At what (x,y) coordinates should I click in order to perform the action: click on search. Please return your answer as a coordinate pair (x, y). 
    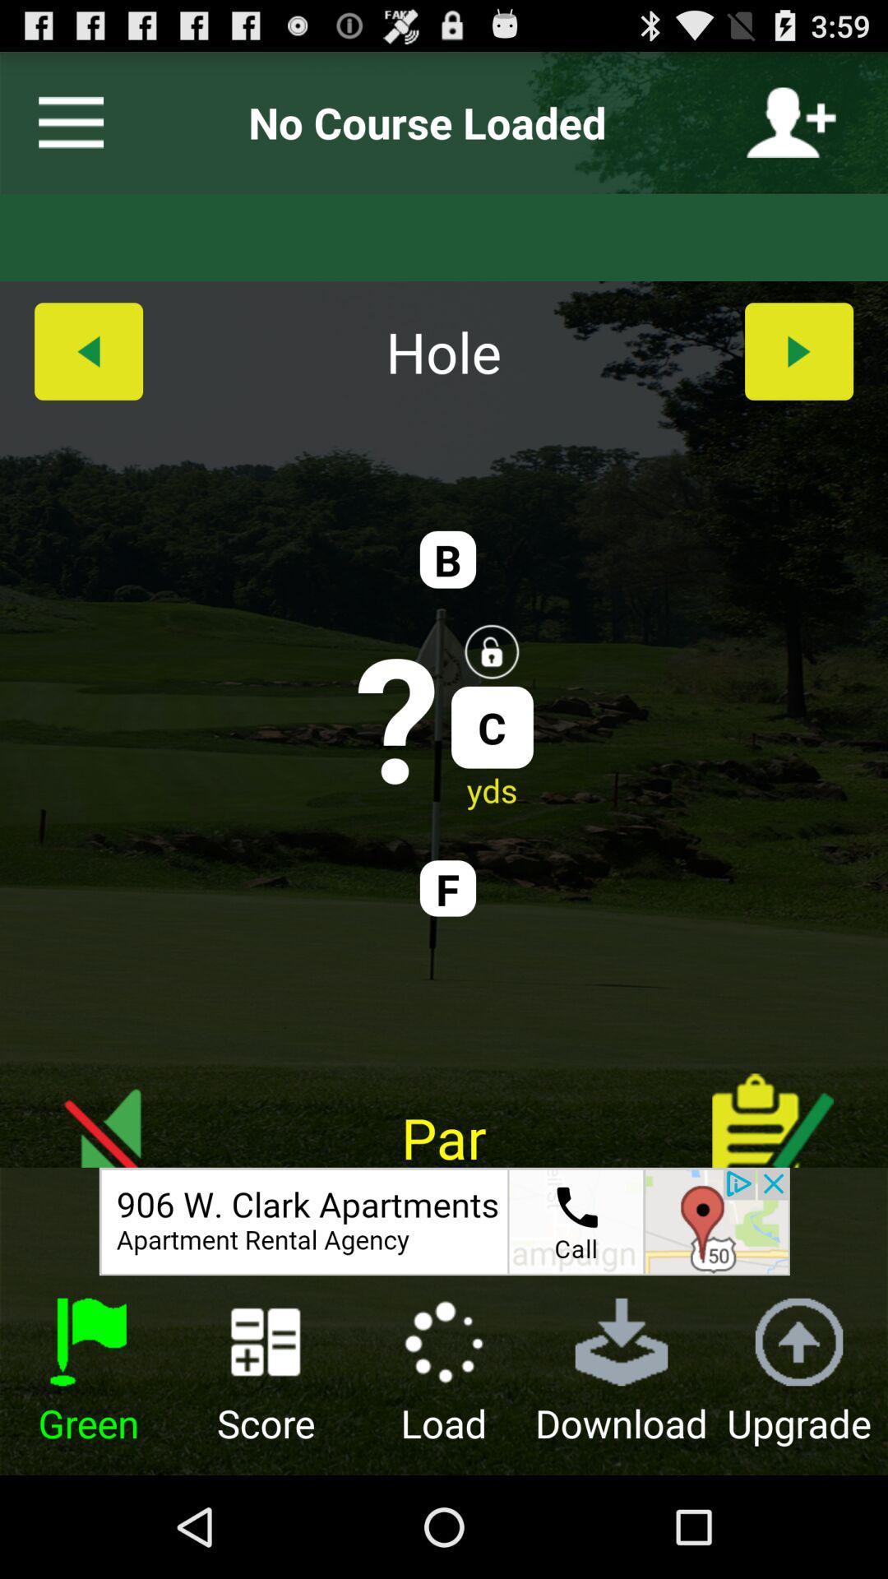
    Looking at the image, I should click on (444, 1221).